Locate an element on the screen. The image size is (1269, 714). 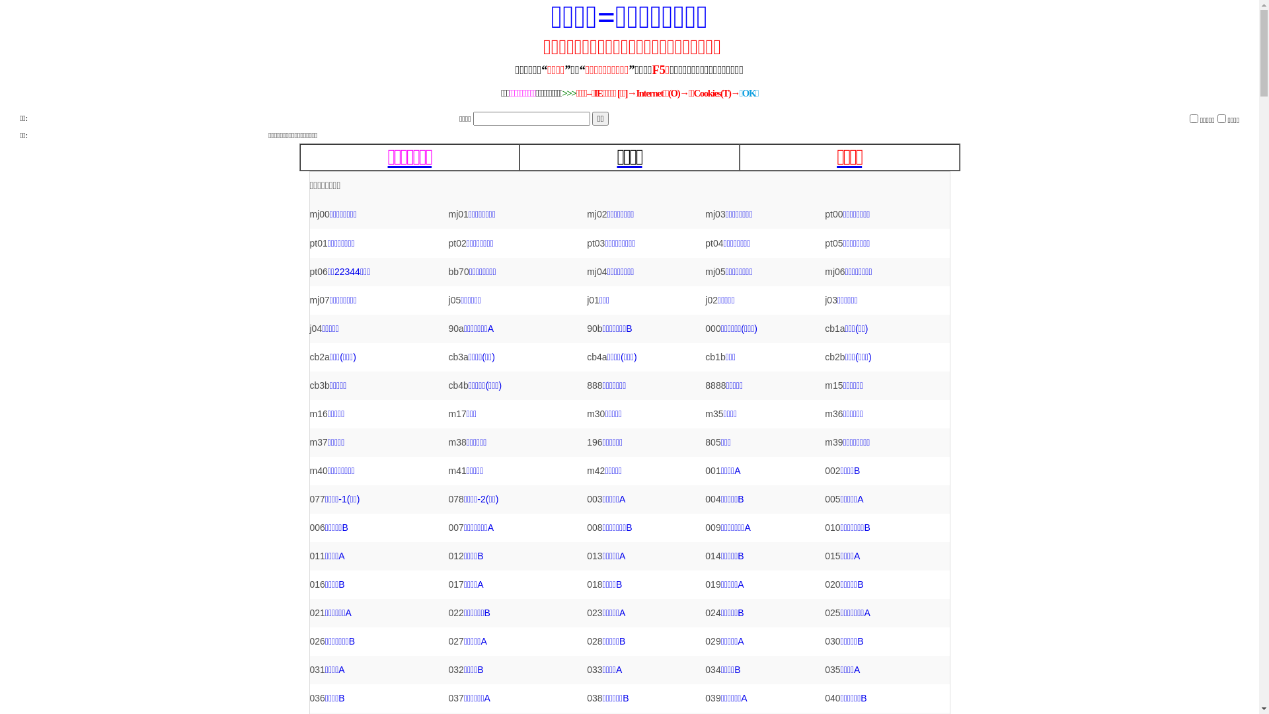
'pt03' is located at coordinates (586, 243).